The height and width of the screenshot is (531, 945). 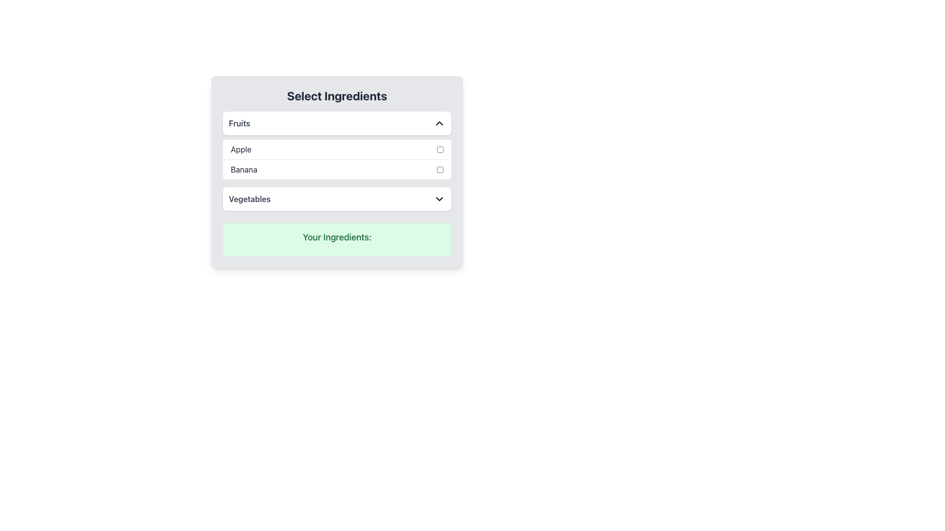 What do you see at coordinates (440, 149) in the screenshot?
I see `the checkbox for the 'Apple' option located at the far right side of the second row in the list of options` at bounding box center [440, 149].